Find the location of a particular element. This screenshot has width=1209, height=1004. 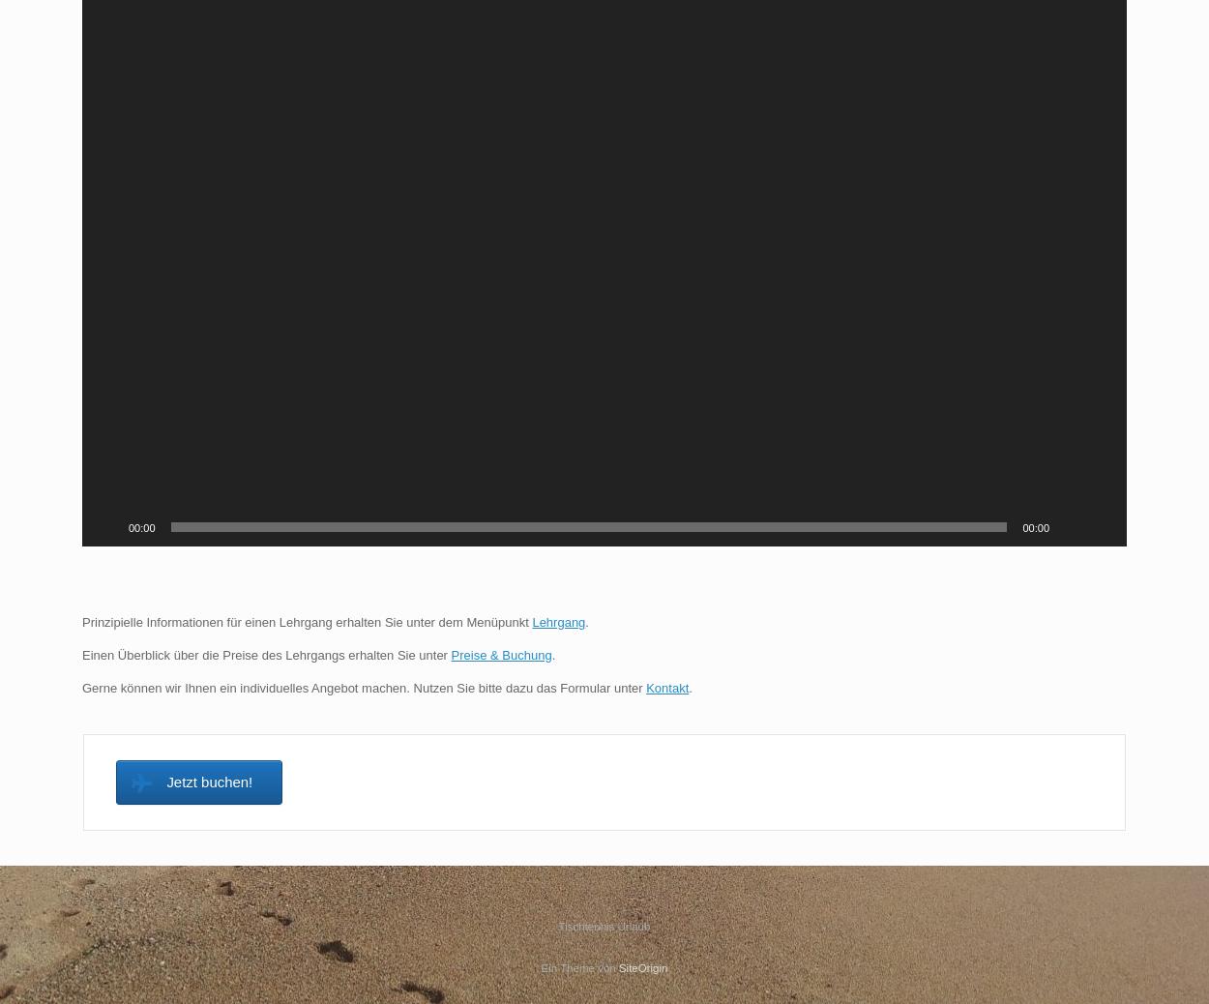

'Kontakt' is located at coordinates (666, 686).